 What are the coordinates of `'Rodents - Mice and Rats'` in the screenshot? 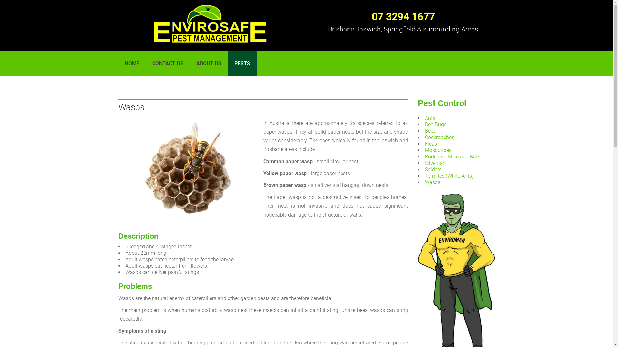 It's located at (452, 156).